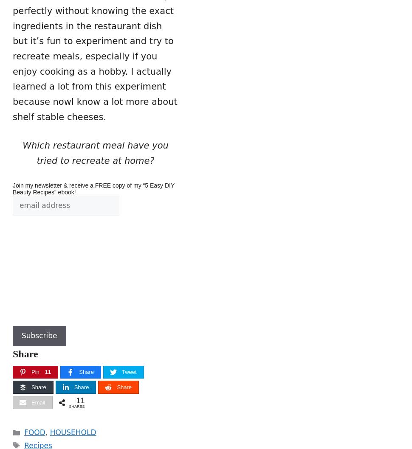 The width and height of the screenshot is (412, 449). What do you see at coordinates (76, 407) in the screenshot?
I see `'Shares'` at bounding box center [76, 407].